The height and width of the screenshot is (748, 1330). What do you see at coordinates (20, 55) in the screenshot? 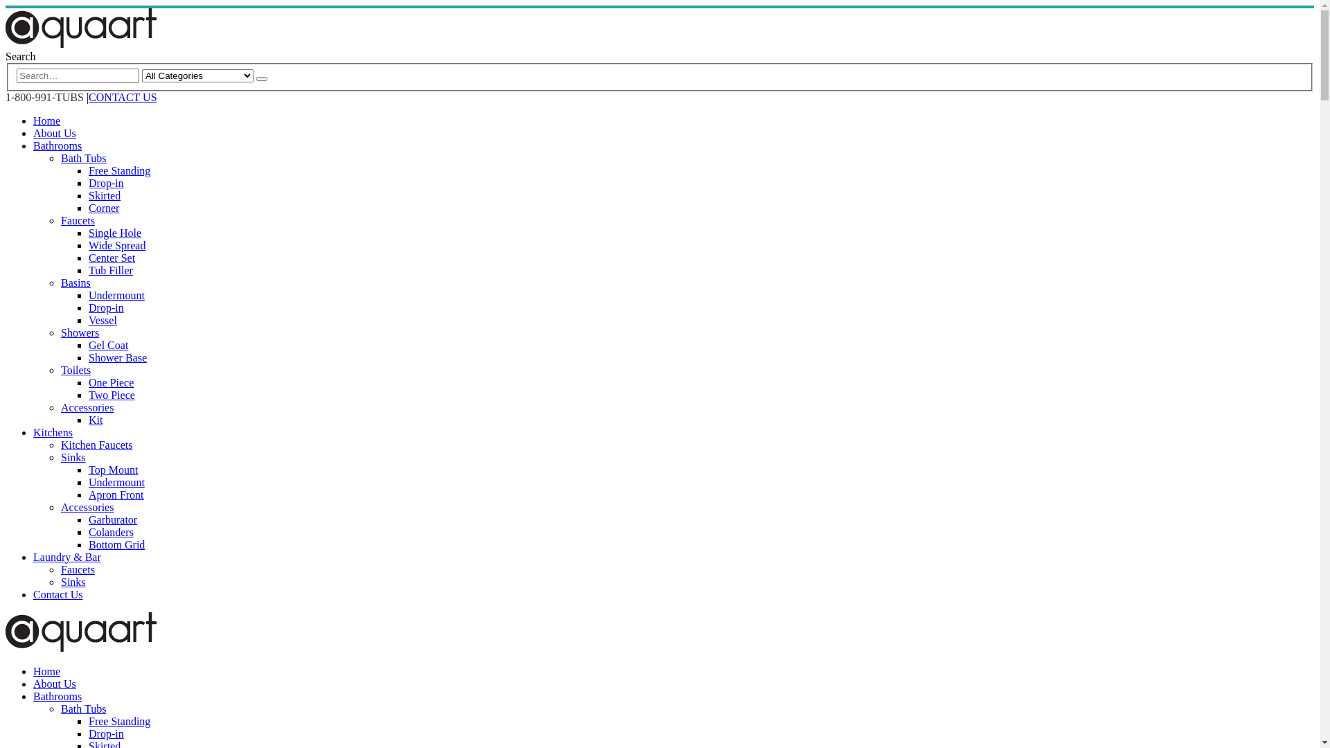
I see `'Search'` at bounding box center [20, 55].